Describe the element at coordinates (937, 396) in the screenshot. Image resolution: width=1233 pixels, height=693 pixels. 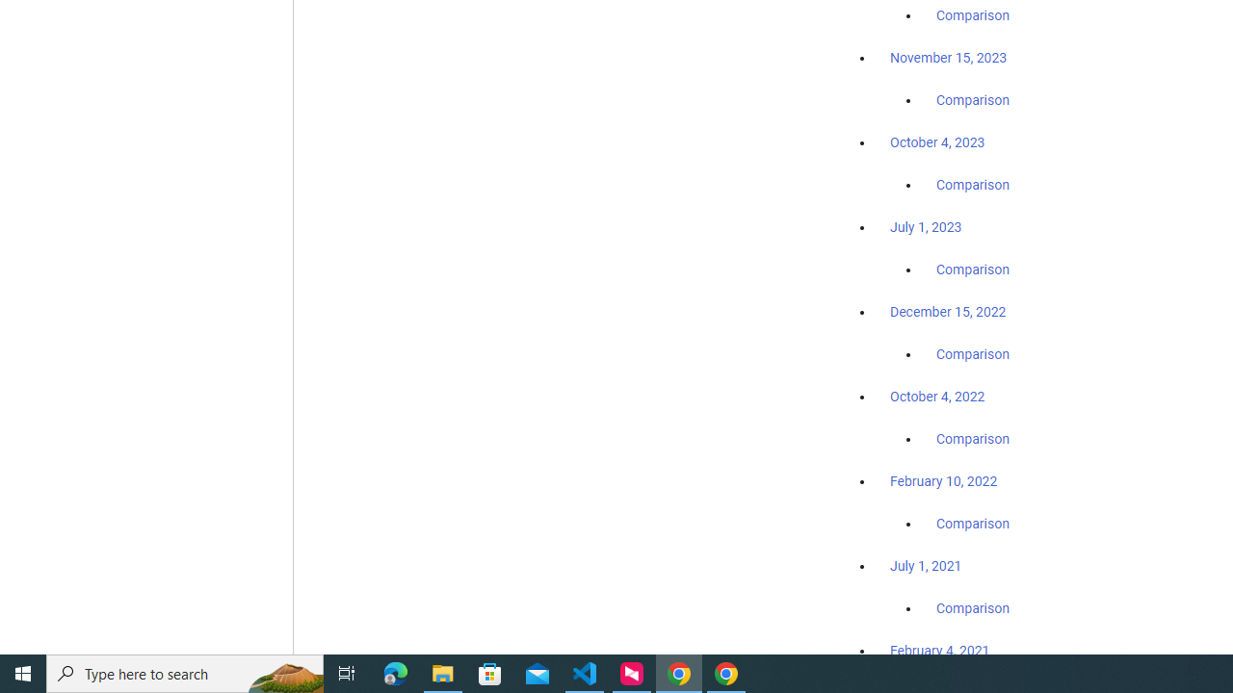
I see `'October 4, 2022'` at that location.